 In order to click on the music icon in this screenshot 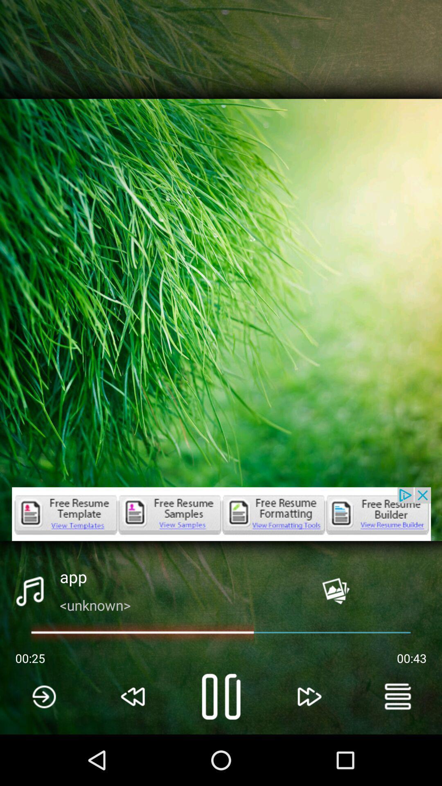, I will do `click(29, 591)`.